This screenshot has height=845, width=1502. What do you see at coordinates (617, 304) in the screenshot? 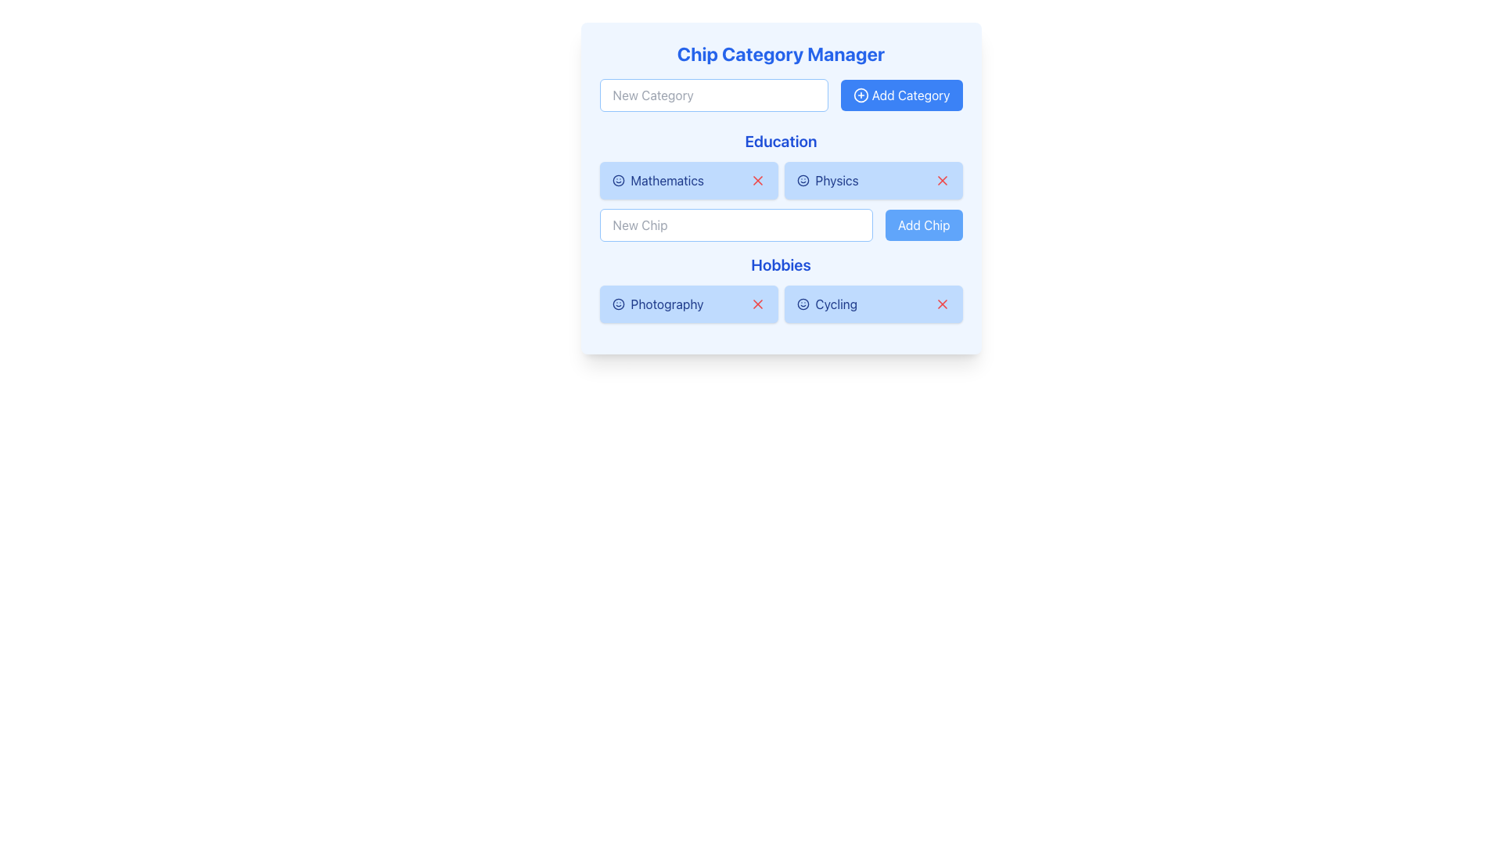
I see `the small circular smiley face icon located to the left of the 'Photography' label in the 'Hobbies' section` at bounding box center [617, 304].